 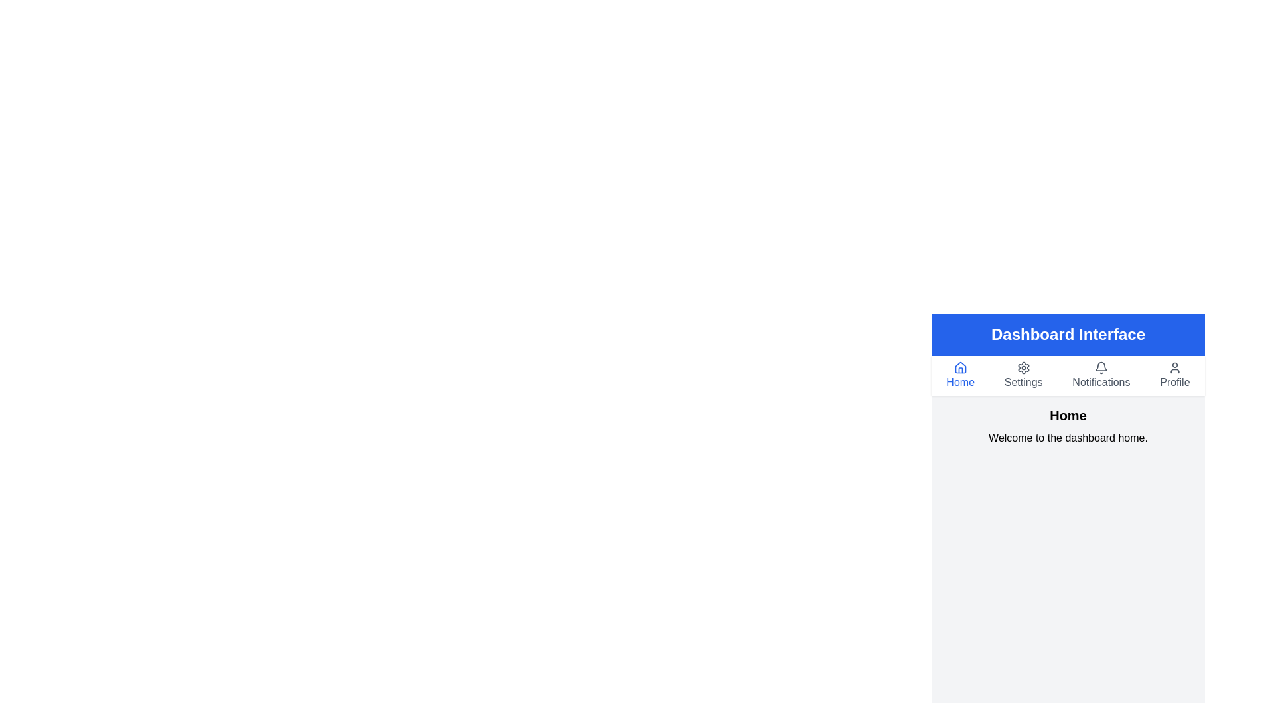 I want to click on the notifications bell icon in the top navigation bar, so click(x=1101, y=366).